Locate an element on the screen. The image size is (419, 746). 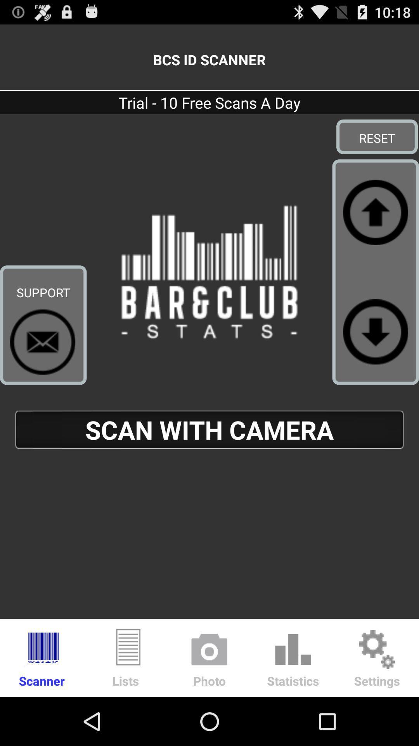
the email icon is located at coordinates (43, 366).